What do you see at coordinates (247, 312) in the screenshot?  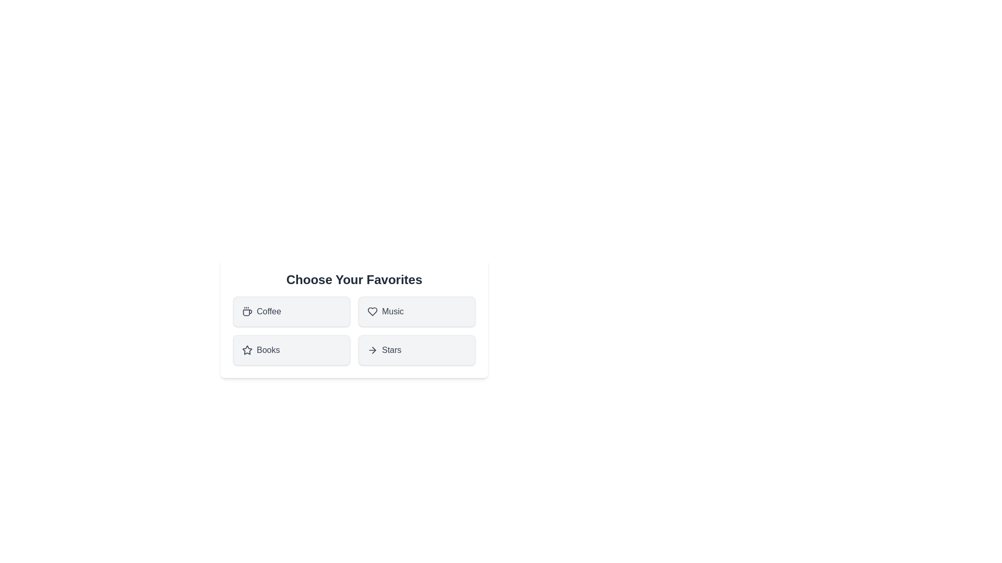 I see `the coffee cup icon, which is a curved outline resembling a mug, positioned above the 'Coffee' button text in the top-left quadrant of the category options grid` at bounding box center [247, 312].